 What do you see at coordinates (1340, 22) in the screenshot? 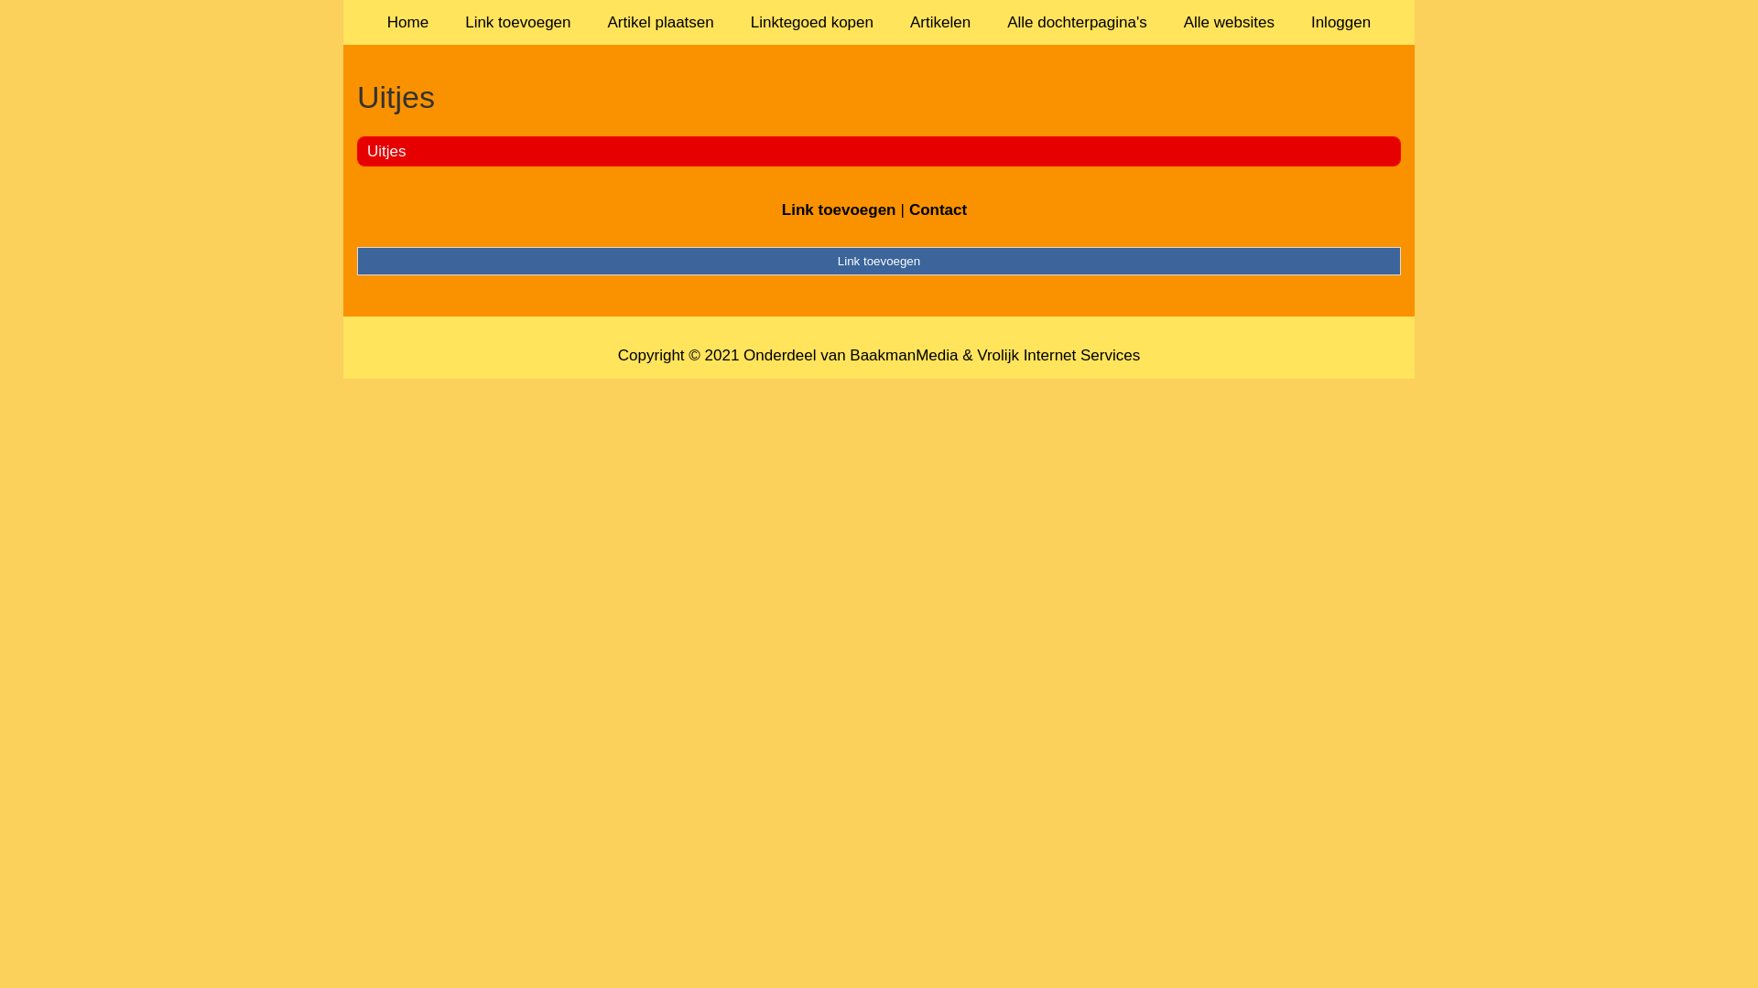
I see `'Inloggen'` at bounding box center [1340, 22].